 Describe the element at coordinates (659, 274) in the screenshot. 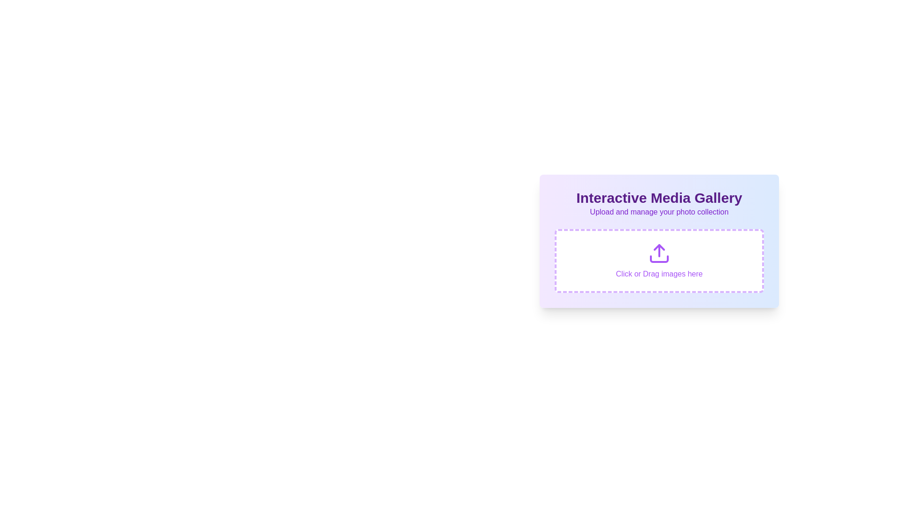

I see `text label element that says 'Click or Drag images here', which is styled with a purple color and positioned centrally below the purple upload icon inside the dashed bordered region of the 'Interactive Media Gallery'` at that location.